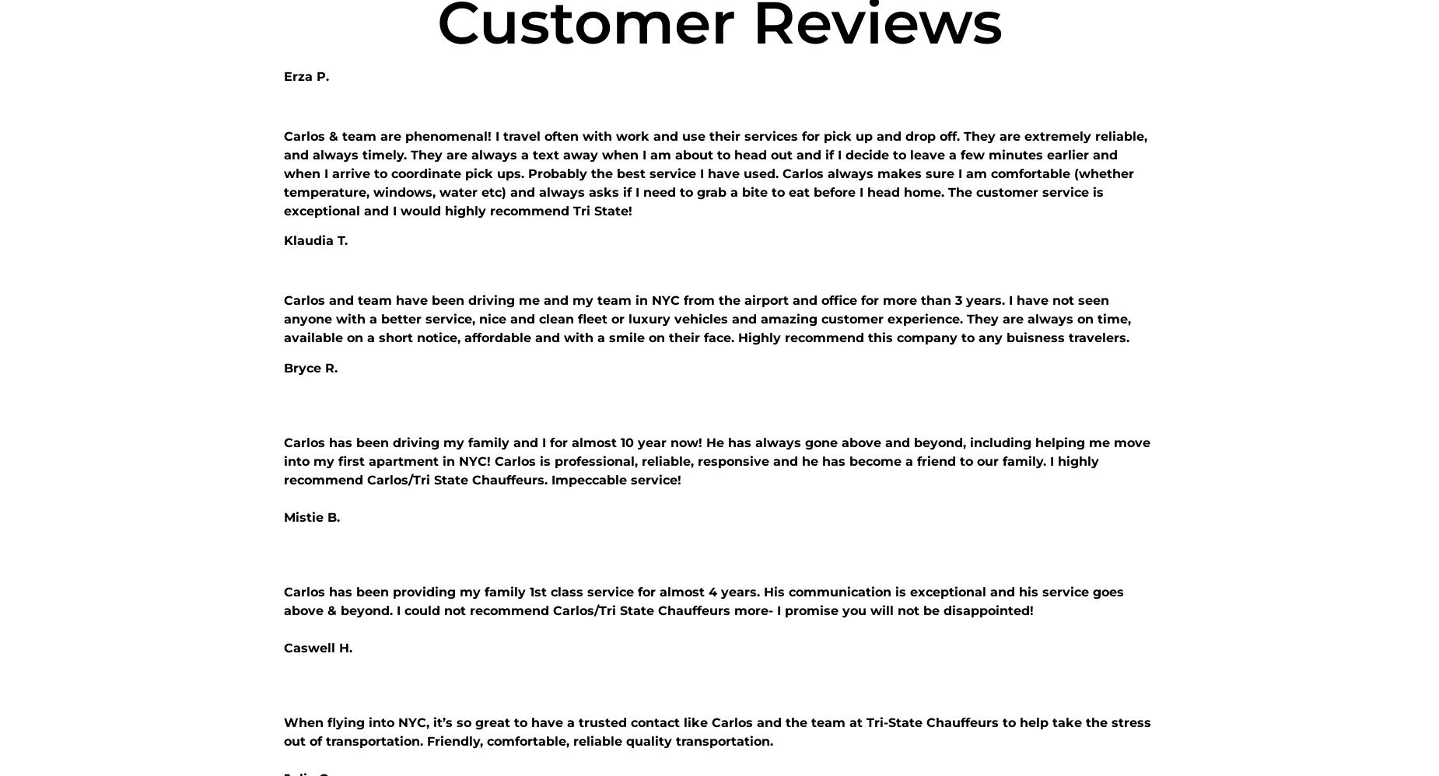  What do you see at coordinates (283, 516) in the screenshot?
I see `'Mistie B.'` at bounding box center [283, 516].